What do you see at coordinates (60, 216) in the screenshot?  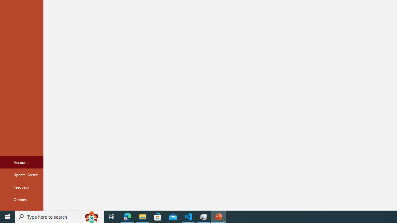 I see `'Type here to search'` at bounding box center [60, 216].